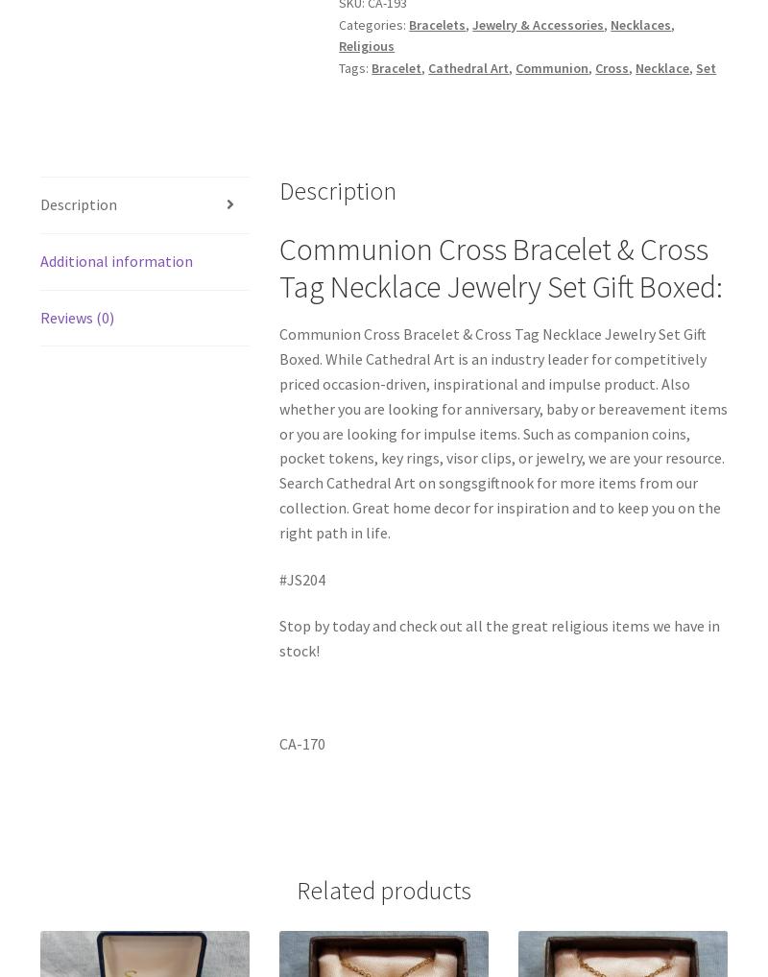  Describe the element at coordinates (436, 23) in the screenshot. I see `'Bracelets'` at that location.